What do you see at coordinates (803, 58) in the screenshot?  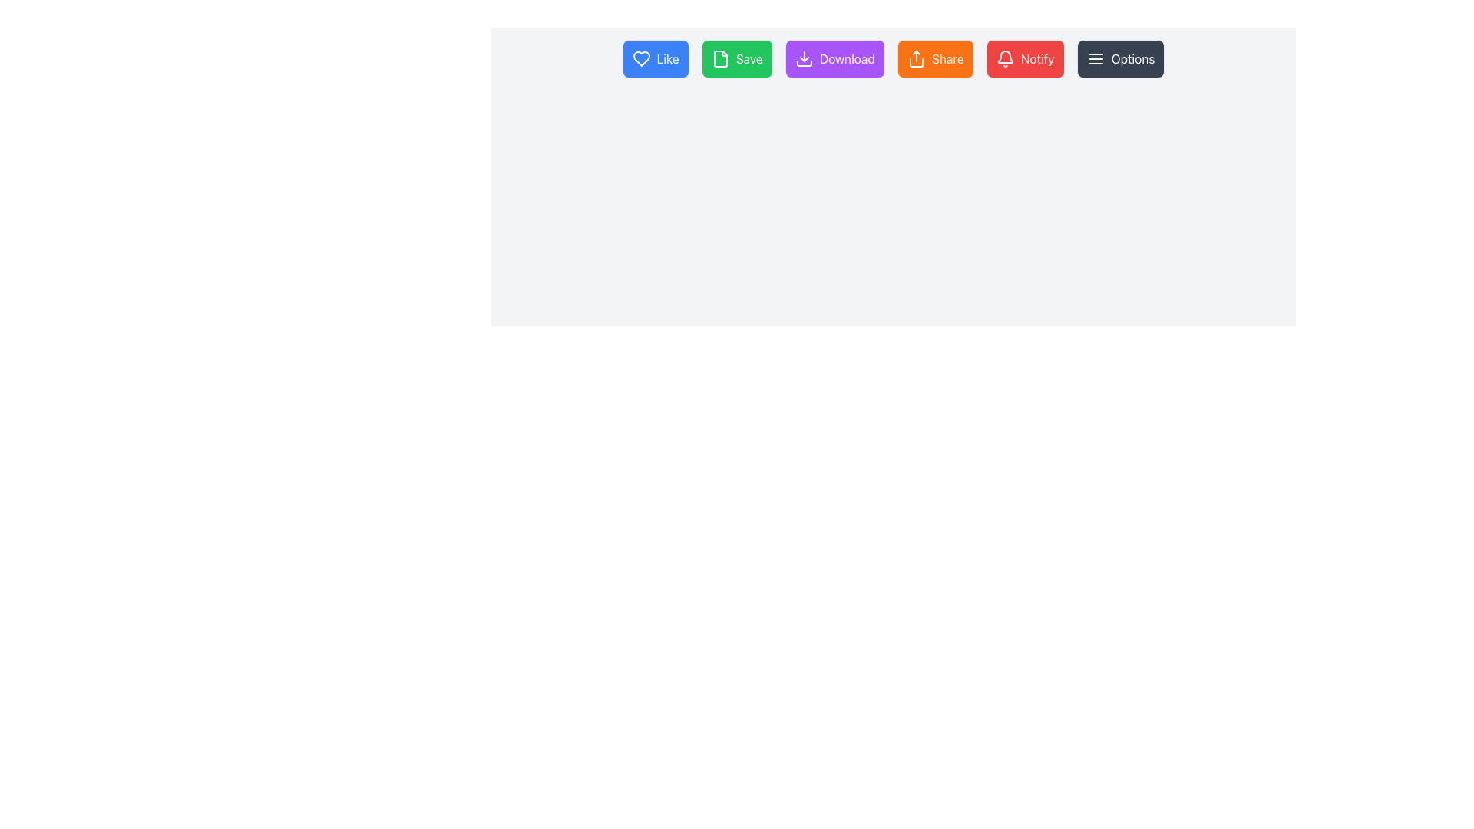 I see `the 'Download' button icon, which features a purple background and white text, indicating the download functionality` at bounding box center [803, 58].